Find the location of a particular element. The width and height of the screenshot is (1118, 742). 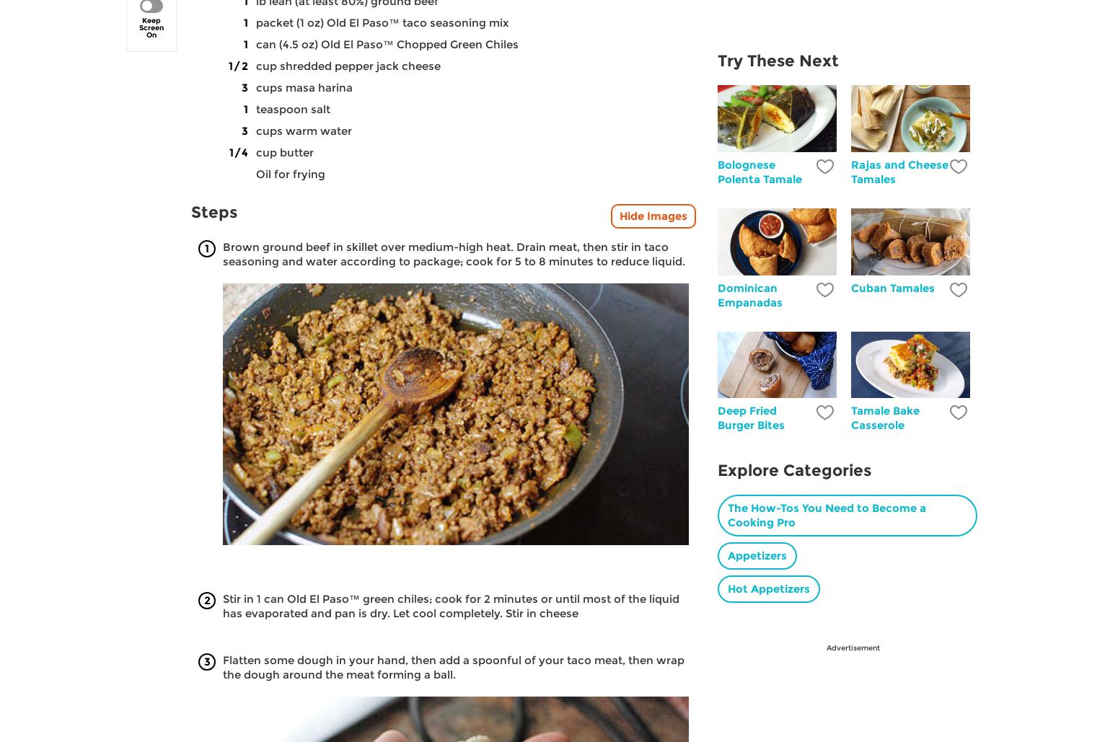

'Rajas and Cheese Tamales' is located at coordinates (899, 170).